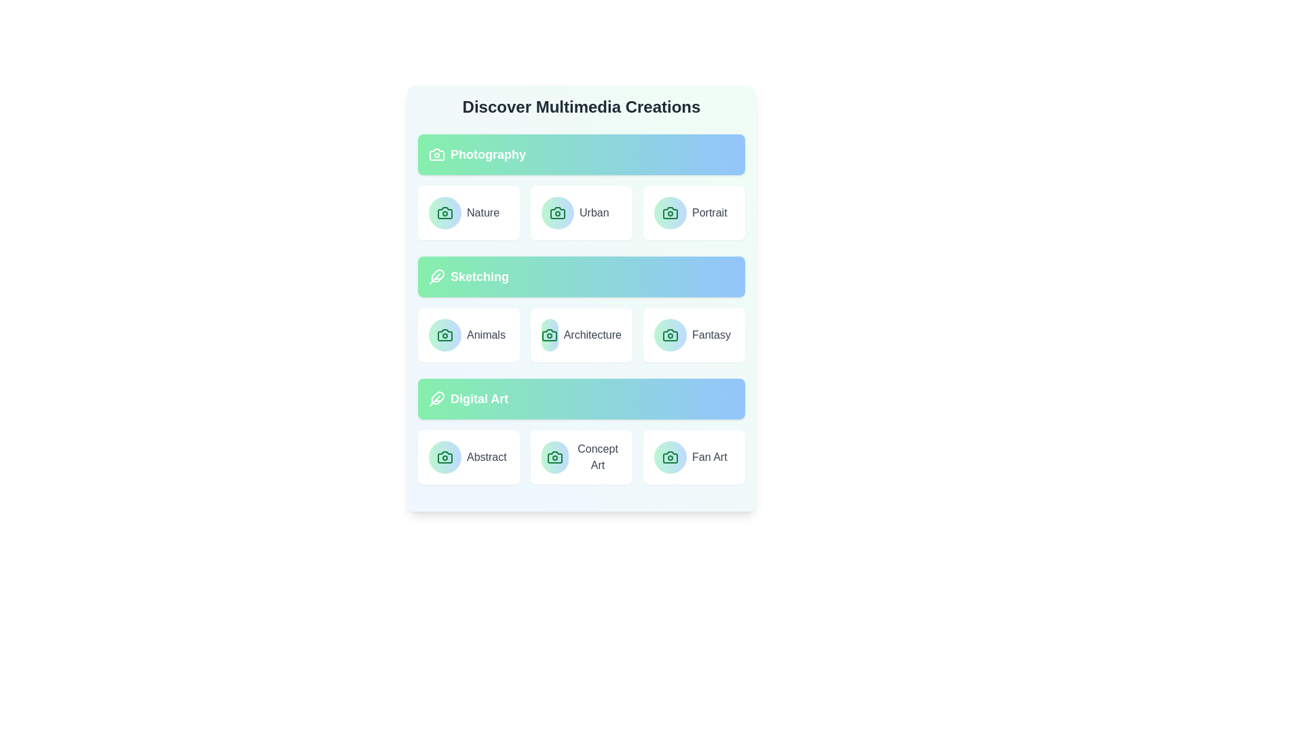 The image size is (1303, 733). What do you see at coordinates (582, 212) in the screenshot?
I see `the item labeled Urban` at bounding box center [582, 212].